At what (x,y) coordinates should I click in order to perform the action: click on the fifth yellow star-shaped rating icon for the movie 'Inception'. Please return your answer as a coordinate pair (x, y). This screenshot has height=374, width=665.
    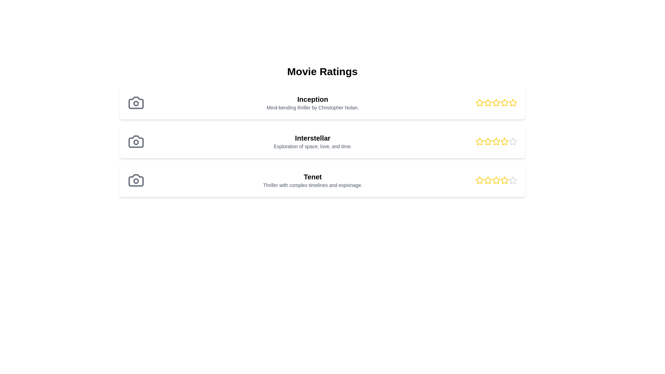
    Looking at the image, I should click on (505, 103).